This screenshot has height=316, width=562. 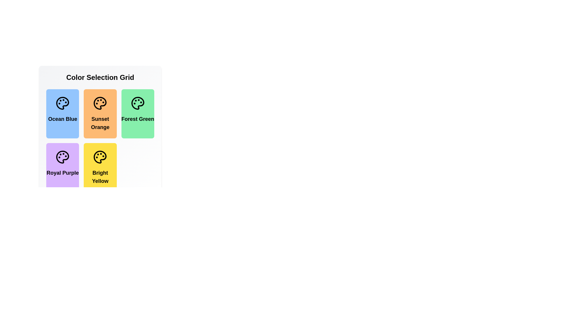 I want to click on the item labeled Forest Green, so click(x=137, y=114).